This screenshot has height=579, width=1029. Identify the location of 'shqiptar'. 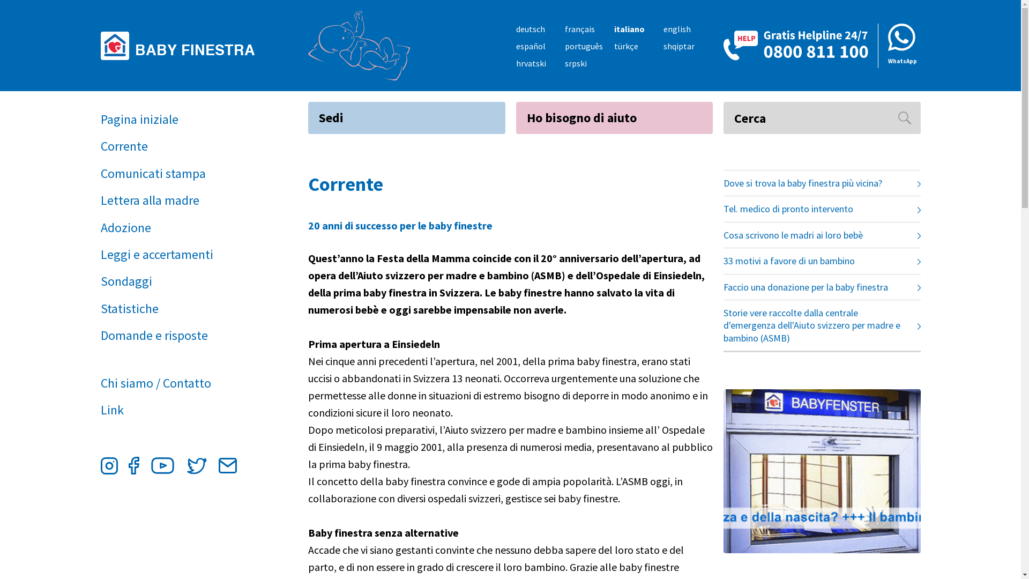
(678, 45).